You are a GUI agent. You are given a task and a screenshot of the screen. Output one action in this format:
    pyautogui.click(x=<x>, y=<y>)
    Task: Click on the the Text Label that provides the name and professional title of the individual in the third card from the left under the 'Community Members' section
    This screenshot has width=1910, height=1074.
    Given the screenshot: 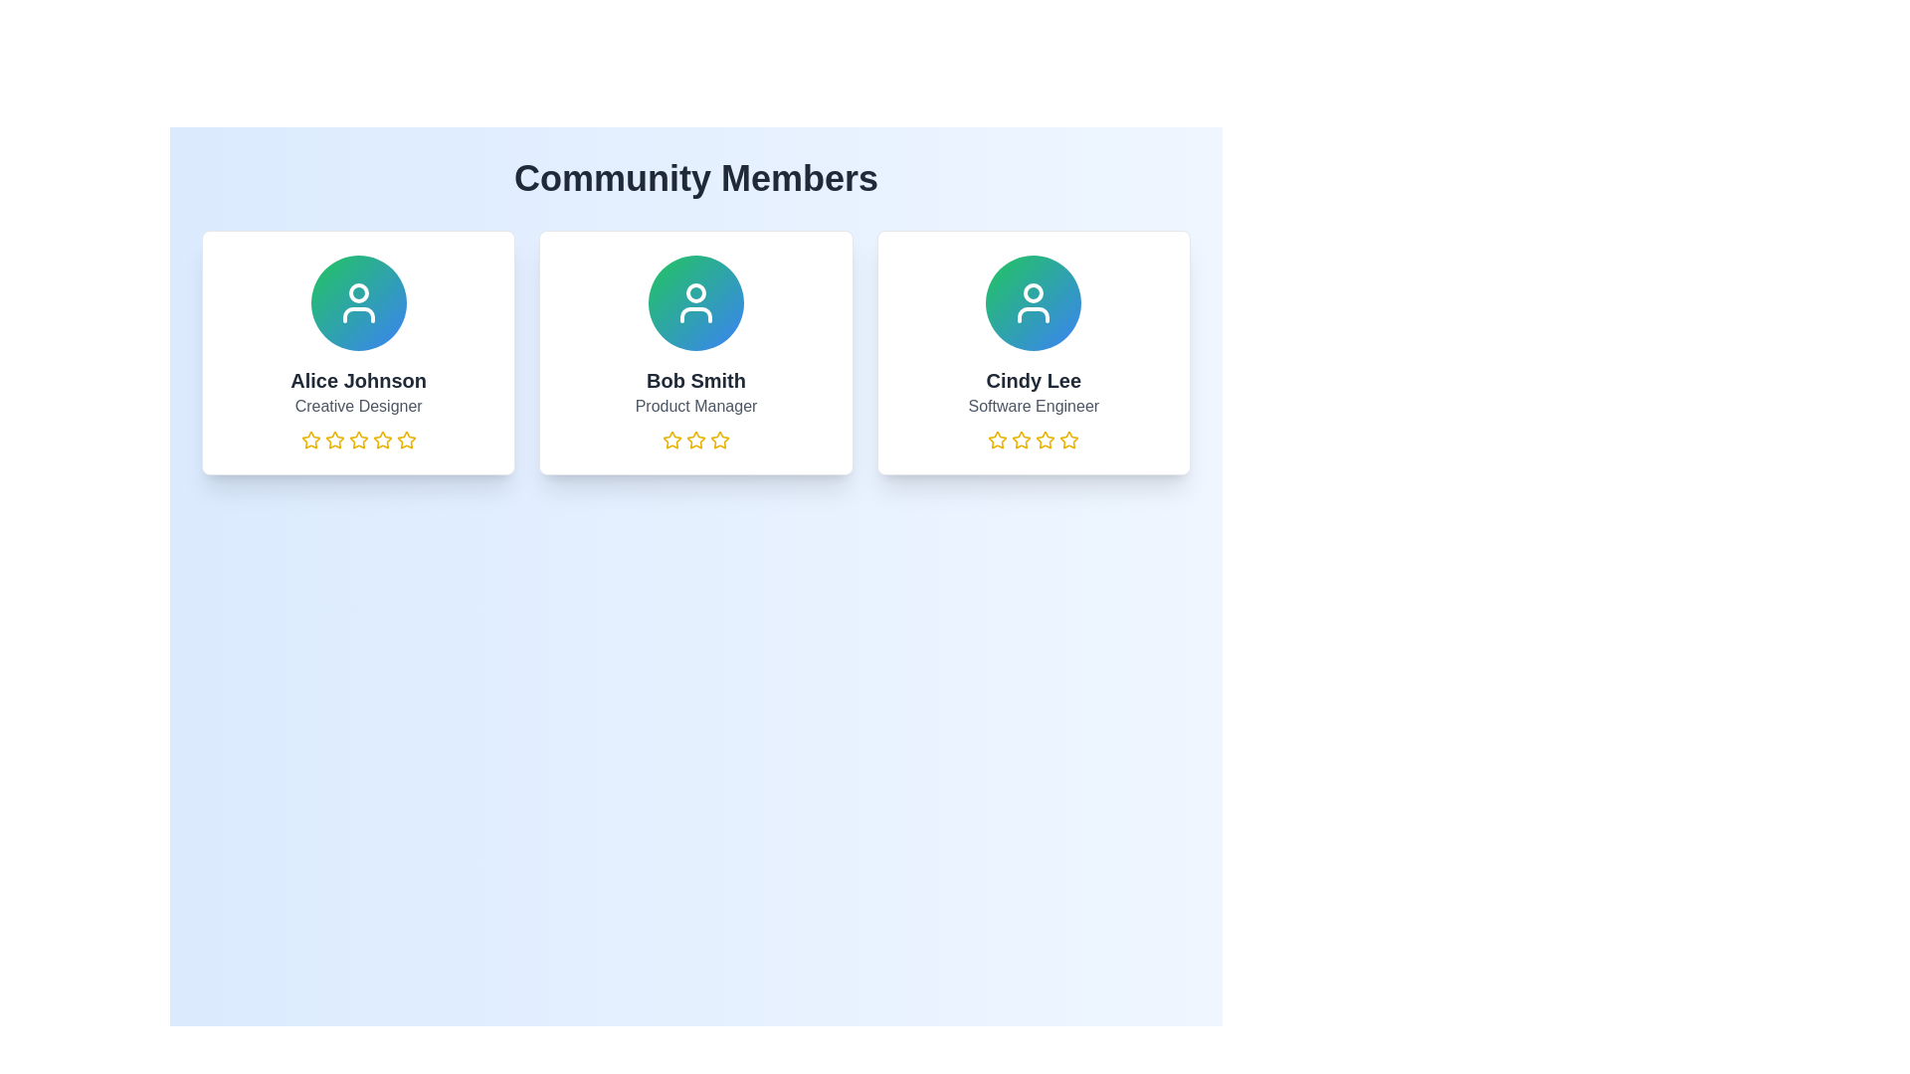 What is the action you would take?
    pyautogui.click(x=1034, y=408)
    